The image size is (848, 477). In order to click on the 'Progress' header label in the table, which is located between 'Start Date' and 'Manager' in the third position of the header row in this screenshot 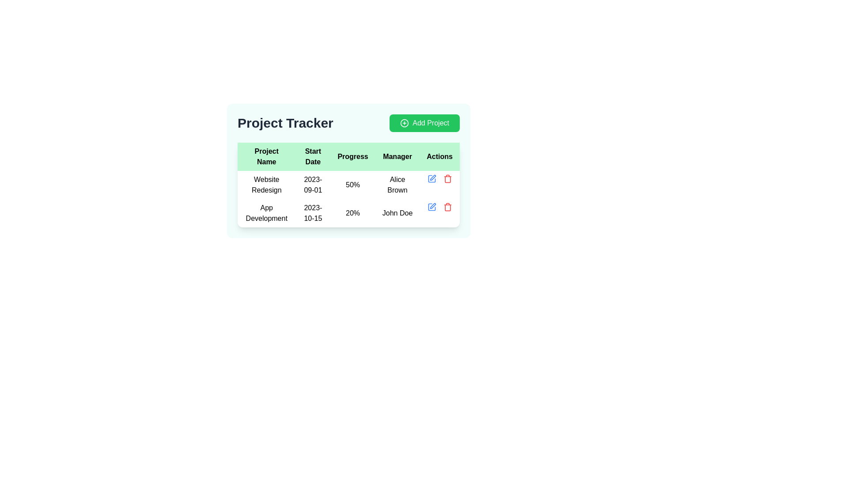, I will do `click(352, 156)`.